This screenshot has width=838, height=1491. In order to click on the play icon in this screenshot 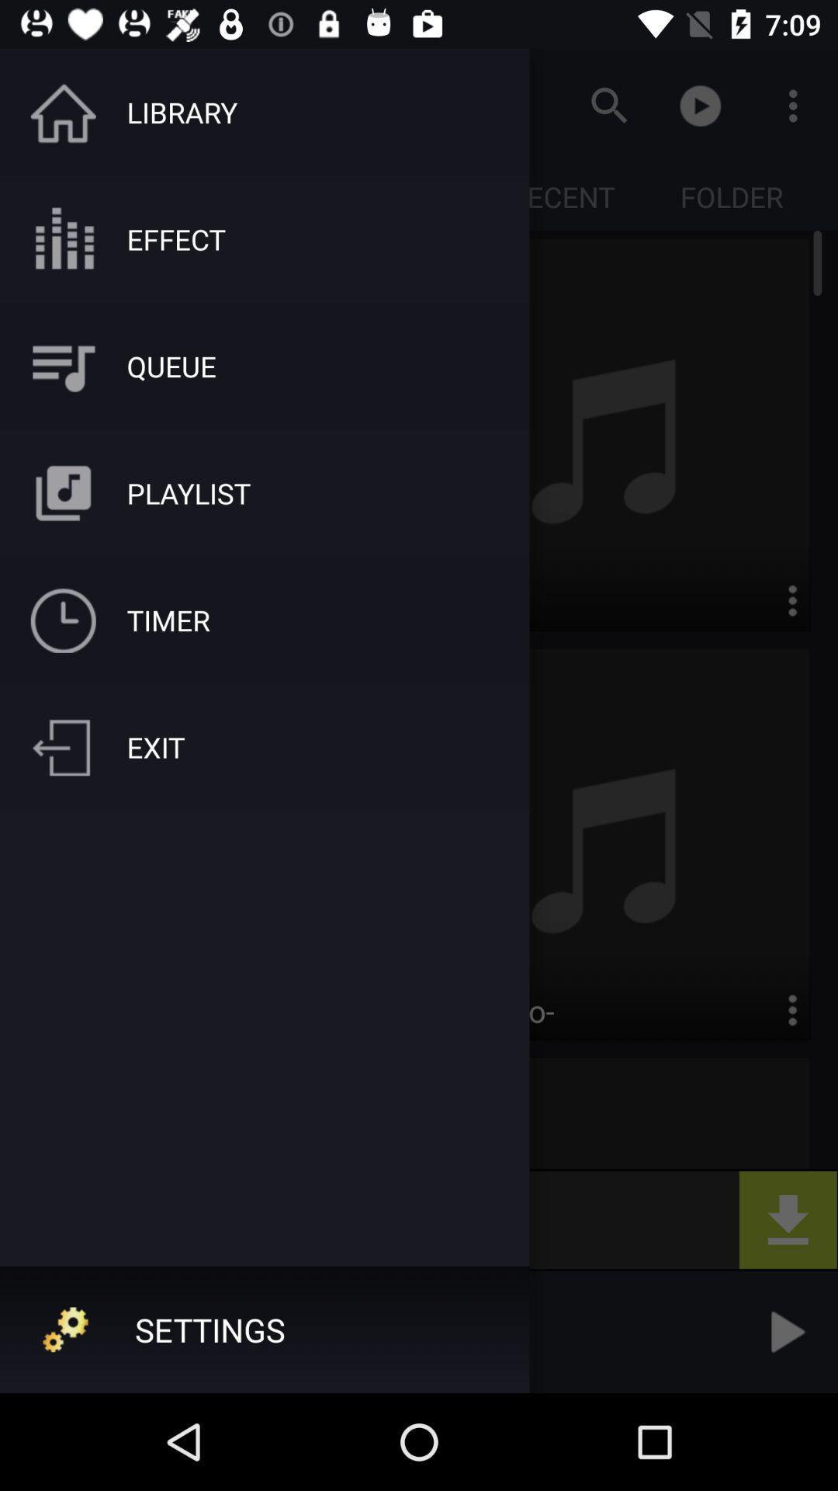, I will do `click(784, 1331)`.